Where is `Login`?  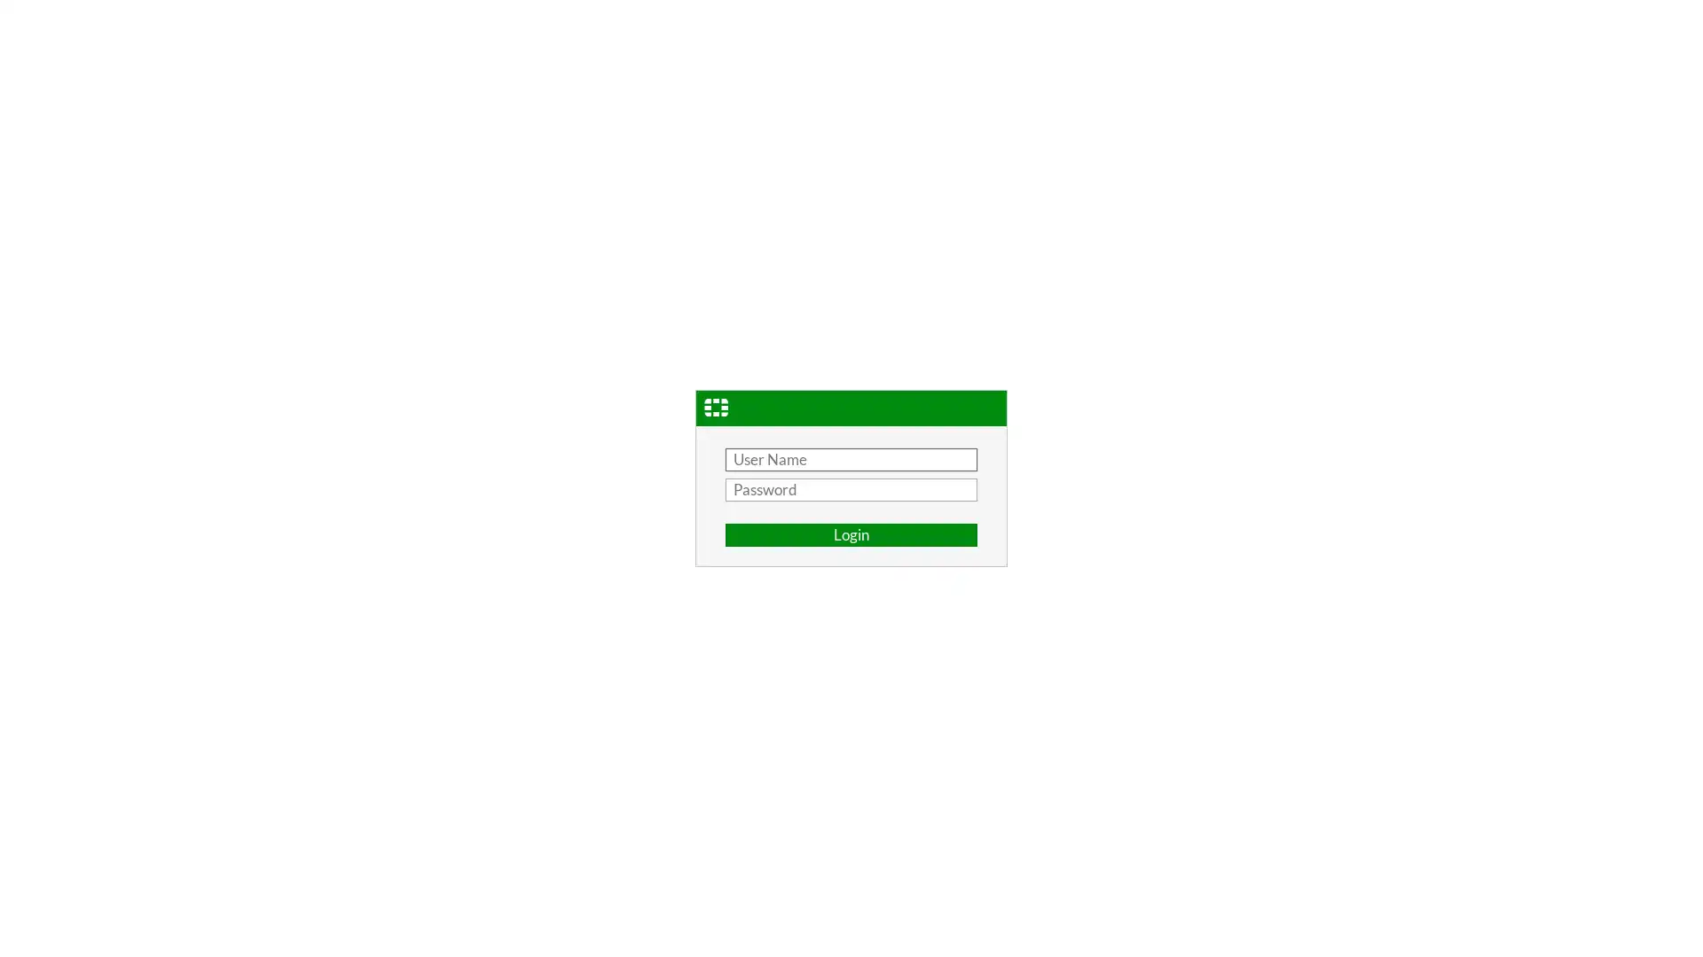 Login is located at coordinates (851, 534).